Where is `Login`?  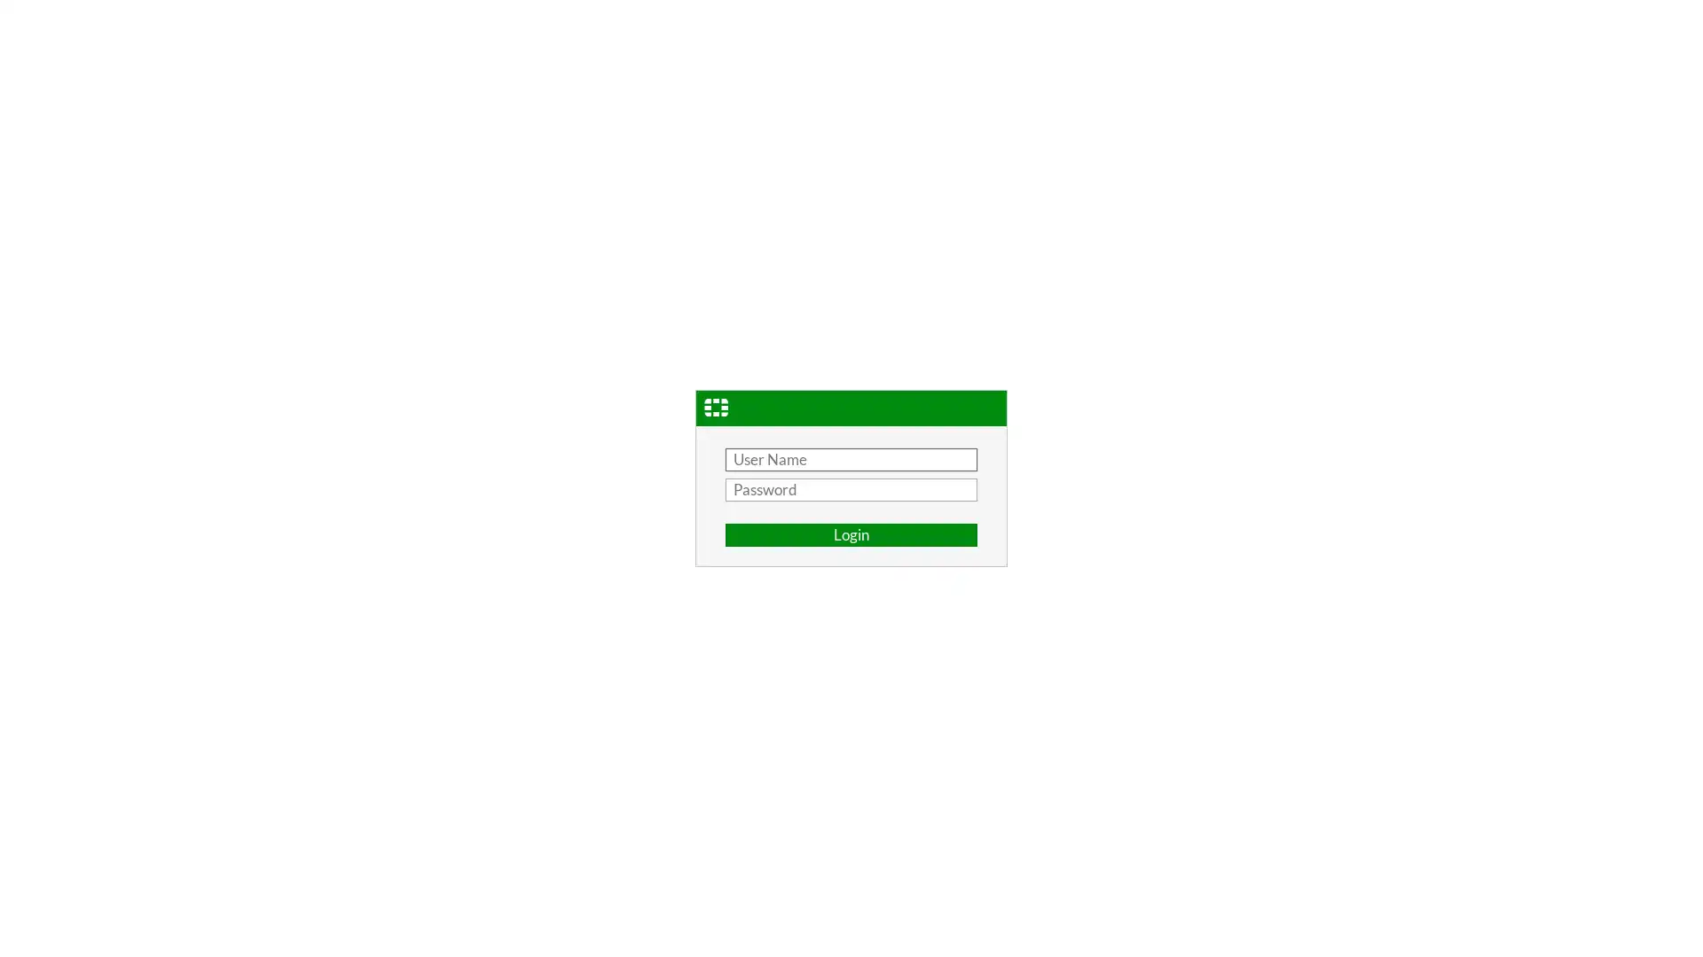 Login is located at coordinates (851, 534).